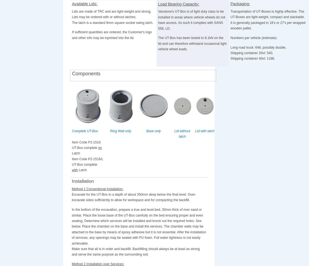 The width and height of the screenshot is (309, 266). Describe the element at coordinates (72, 130) in the screenshot. I see `'Complete UT-Box'` at that location.